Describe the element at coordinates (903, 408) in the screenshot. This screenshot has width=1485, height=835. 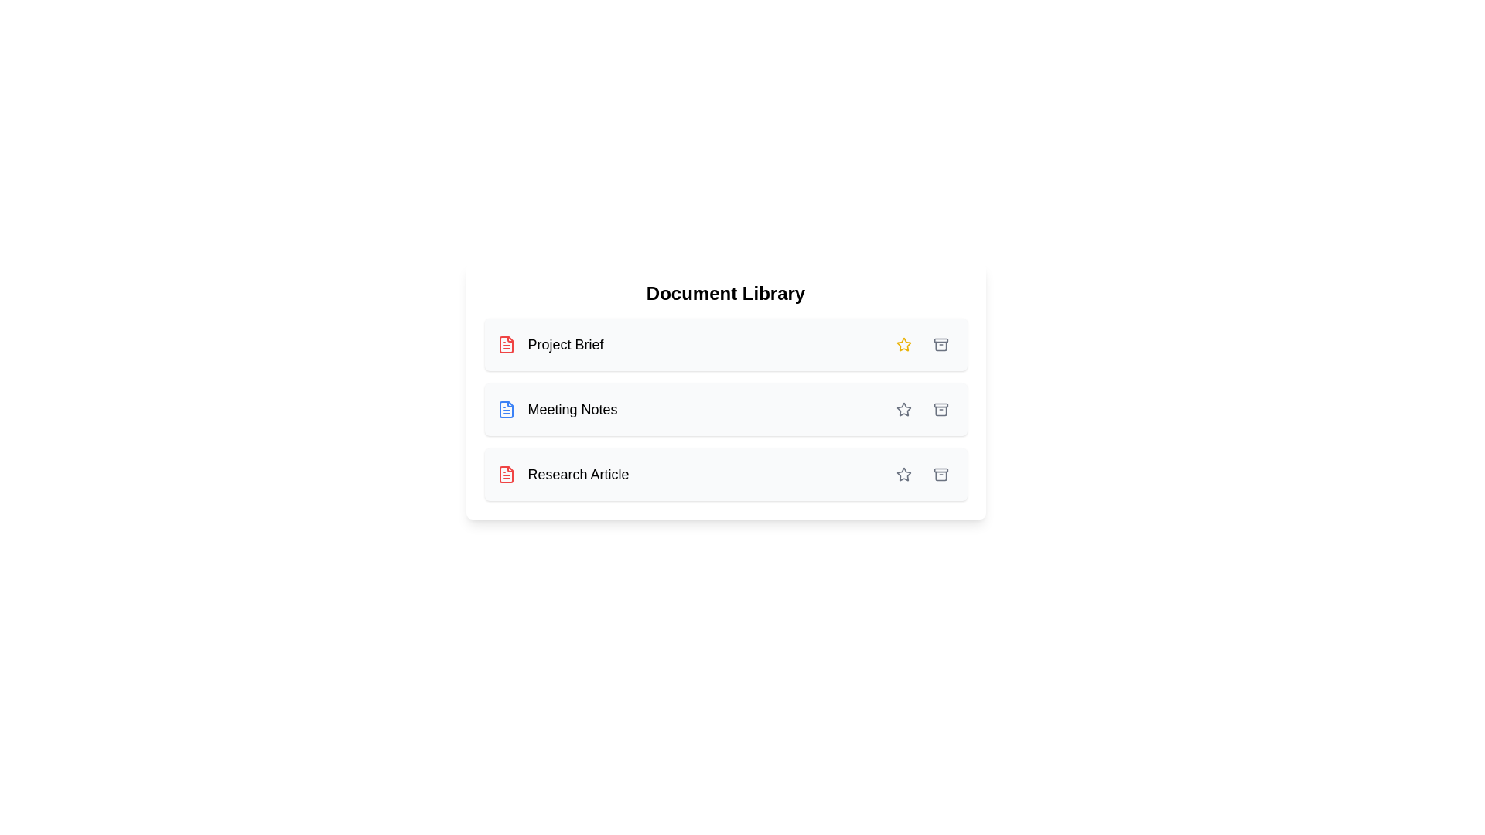
I see `the star icon corresponding to the document named Meeting Notes to toggle its favorite status` at that location.